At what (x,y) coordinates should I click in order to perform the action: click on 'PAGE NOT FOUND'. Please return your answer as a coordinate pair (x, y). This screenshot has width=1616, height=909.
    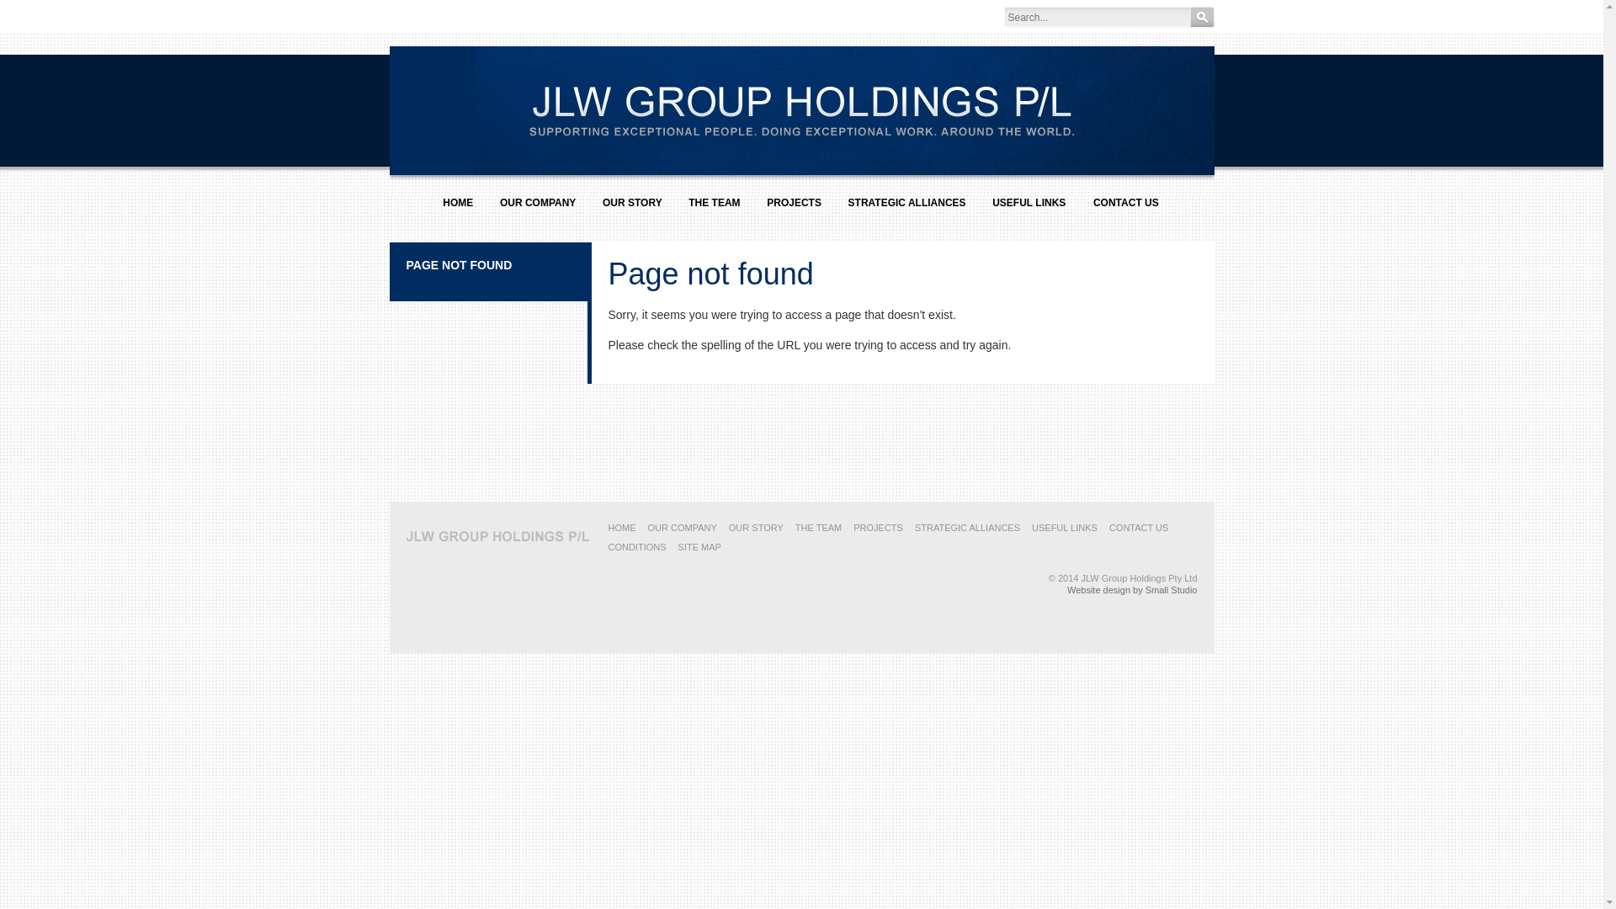
    Looking at the image, I should click on (459, 265).